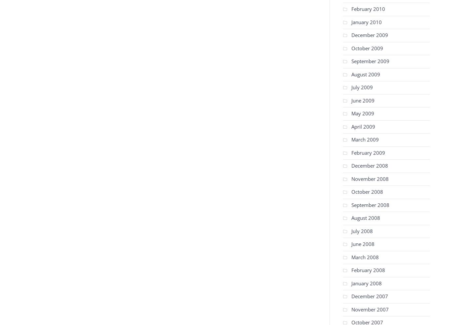 This screenshot has width=476, height=325. Describe the element at coordinates (365, 139) in the screenshot. I see `'March 2009'` at that location.